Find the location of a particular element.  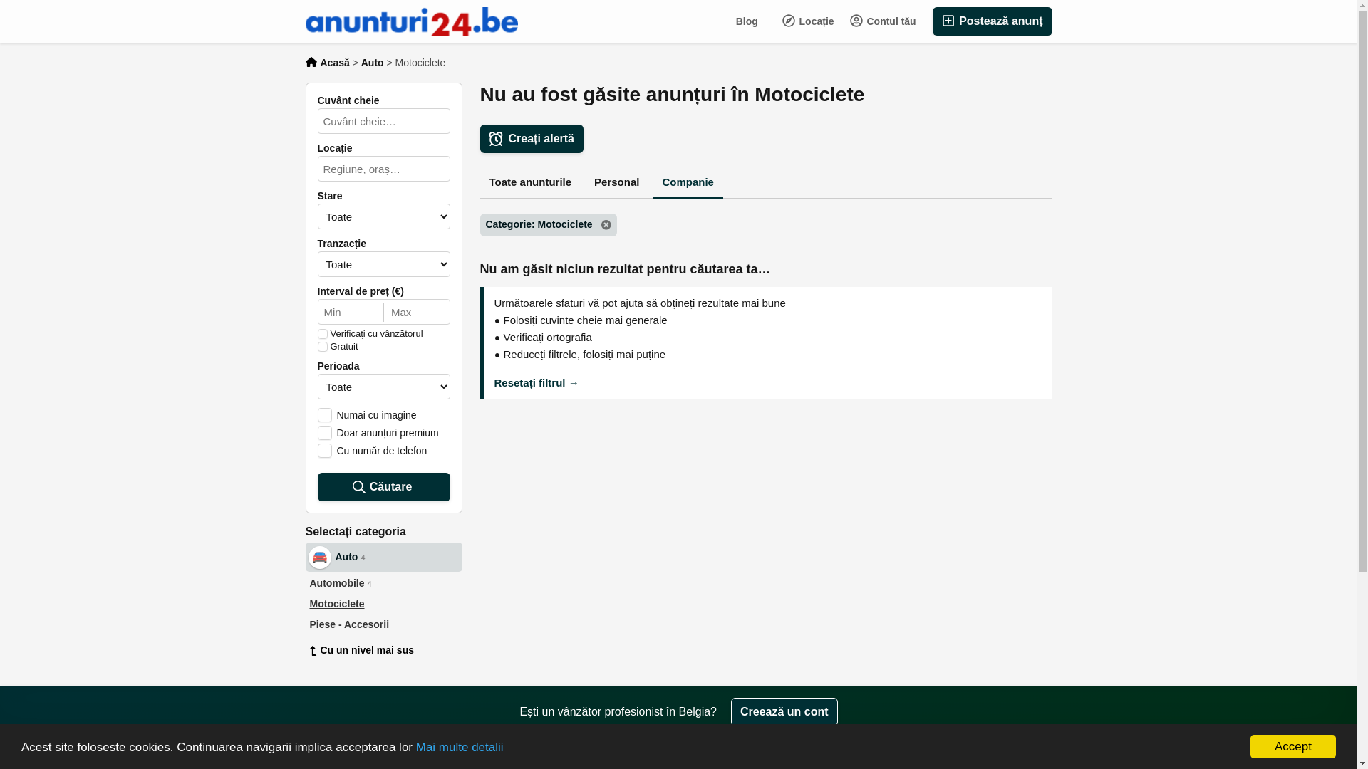

'Automobile is located at coordinates (383, 583).